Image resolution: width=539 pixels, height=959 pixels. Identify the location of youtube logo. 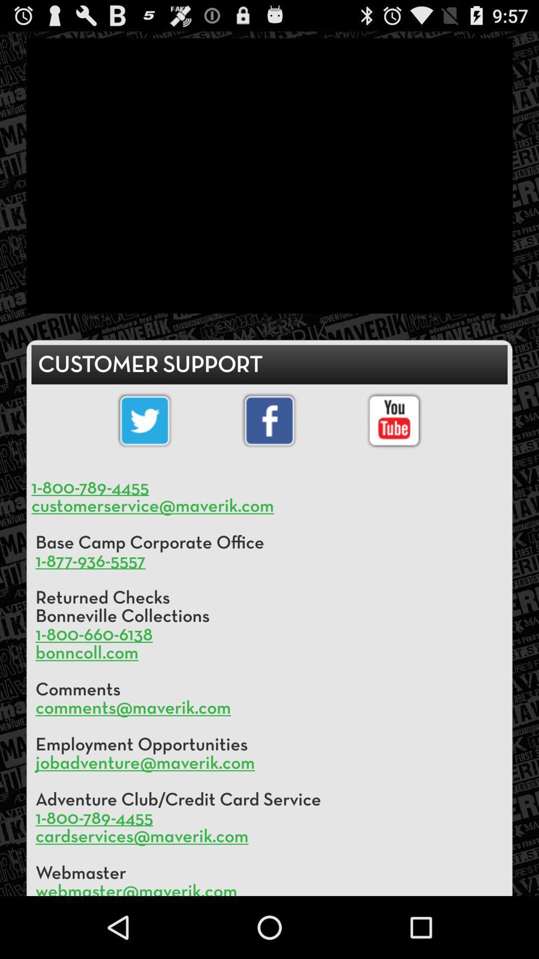
(393, 421).